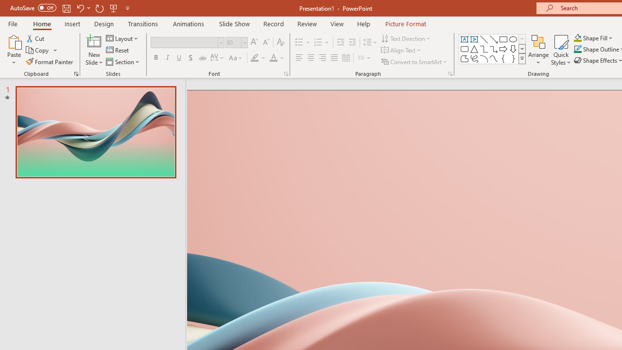 The image size is (622, 350). Describe the element at coordinates (266, 42) in the screenshot. I see `'Decrease Font Size'` at that location.